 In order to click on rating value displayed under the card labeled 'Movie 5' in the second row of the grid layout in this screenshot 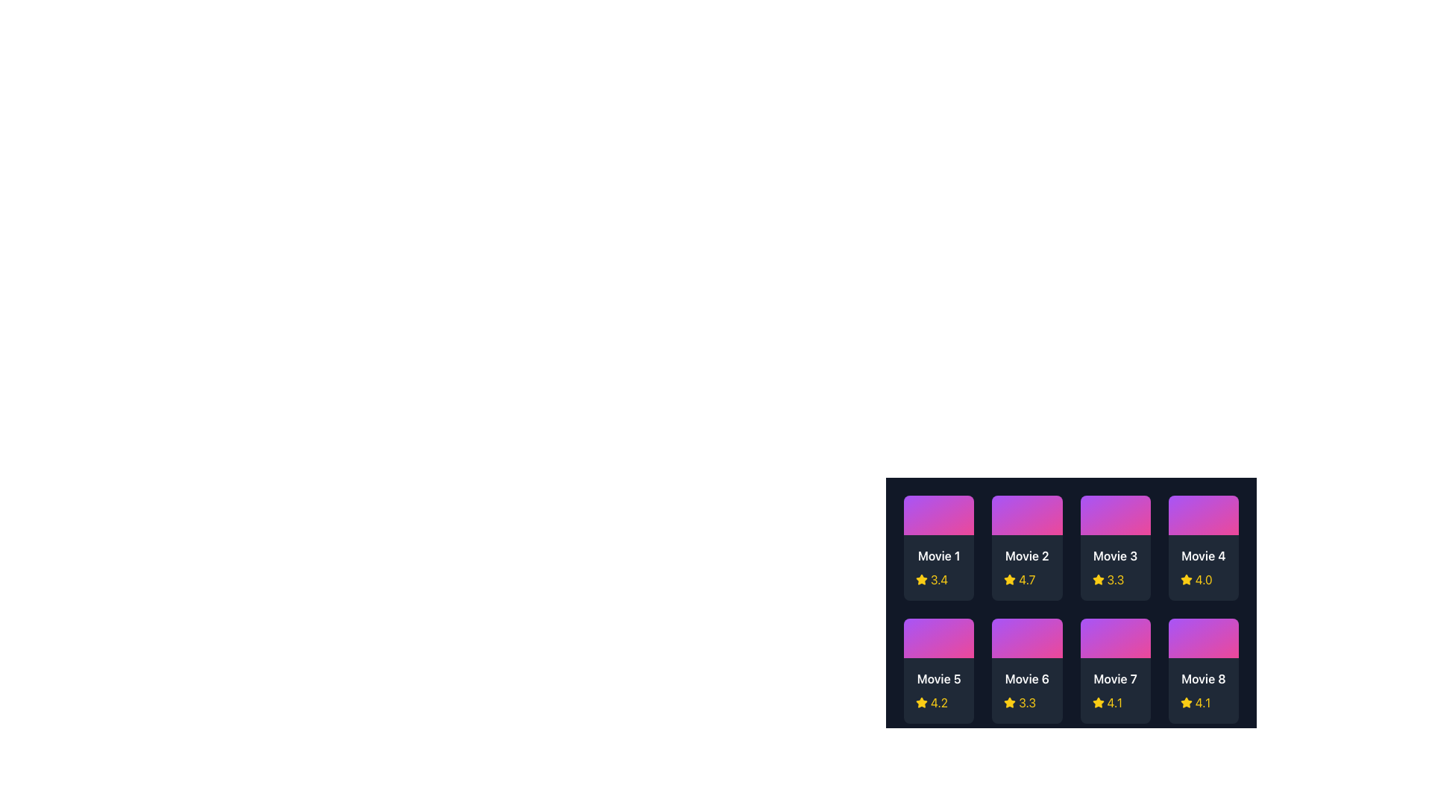, I will do `click(938, 703)`.